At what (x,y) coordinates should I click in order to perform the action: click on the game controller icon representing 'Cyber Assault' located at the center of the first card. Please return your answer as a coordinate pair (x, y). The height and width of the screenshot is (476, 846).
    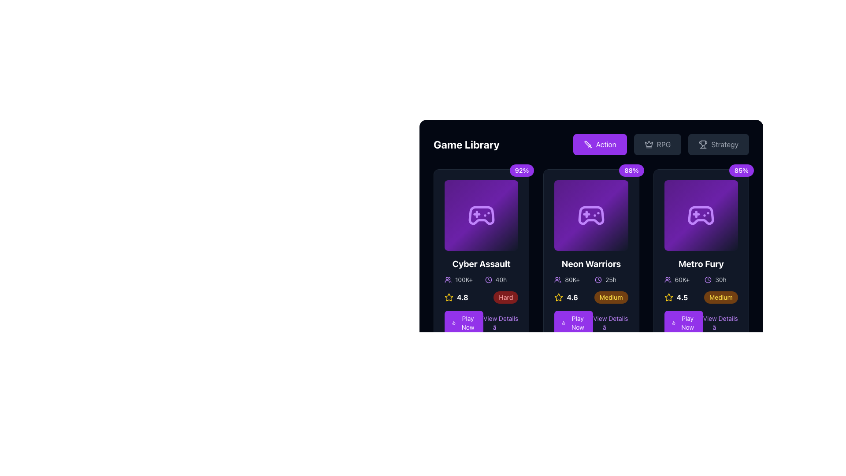
    Looking at the image, I should click on (481, 216).